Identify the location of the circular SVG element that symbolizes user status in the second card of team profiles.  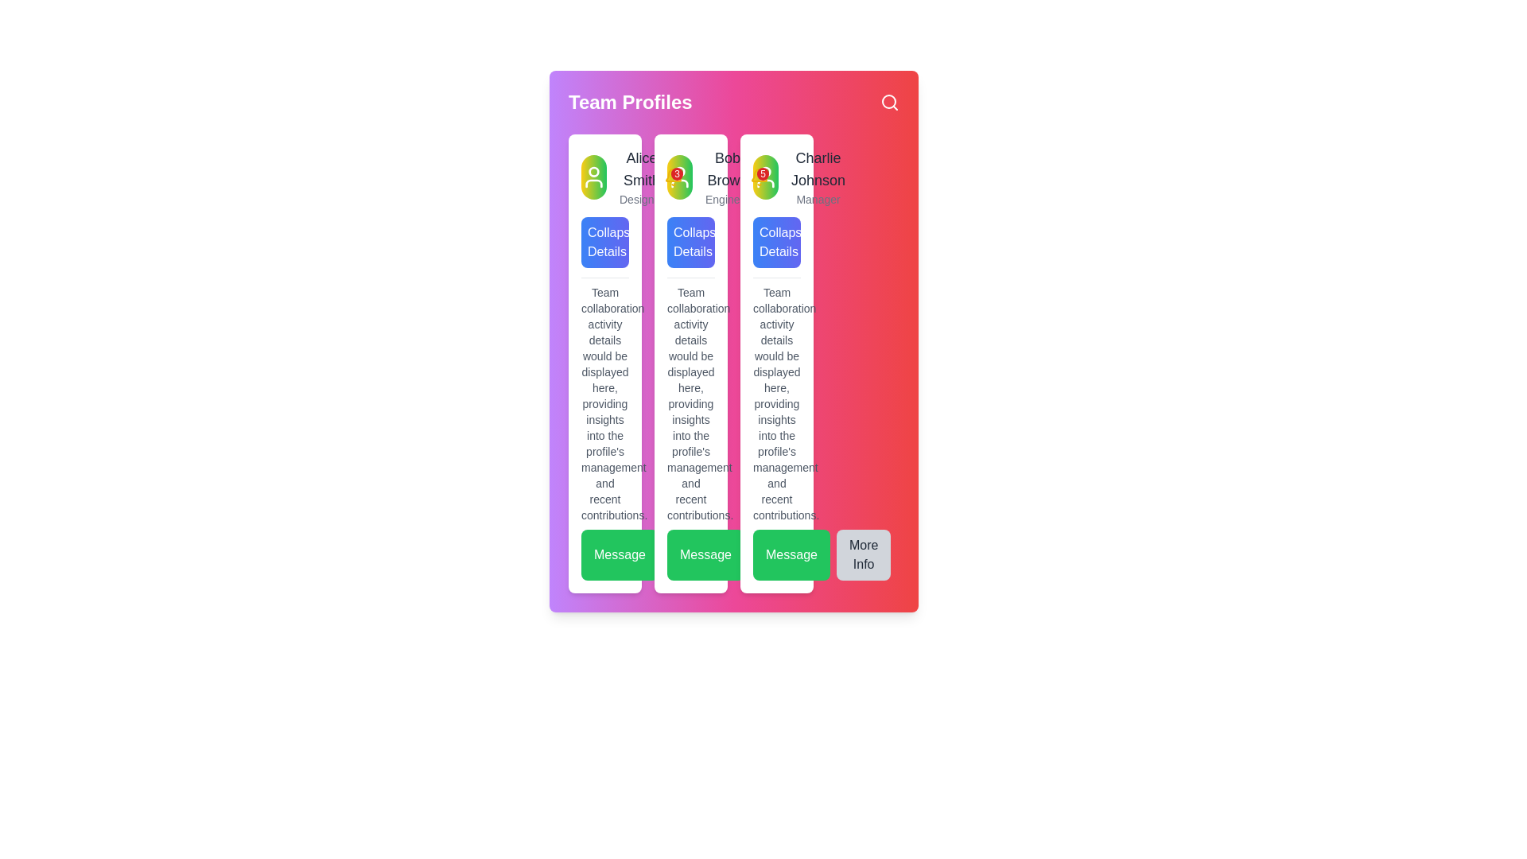
(679, 172).